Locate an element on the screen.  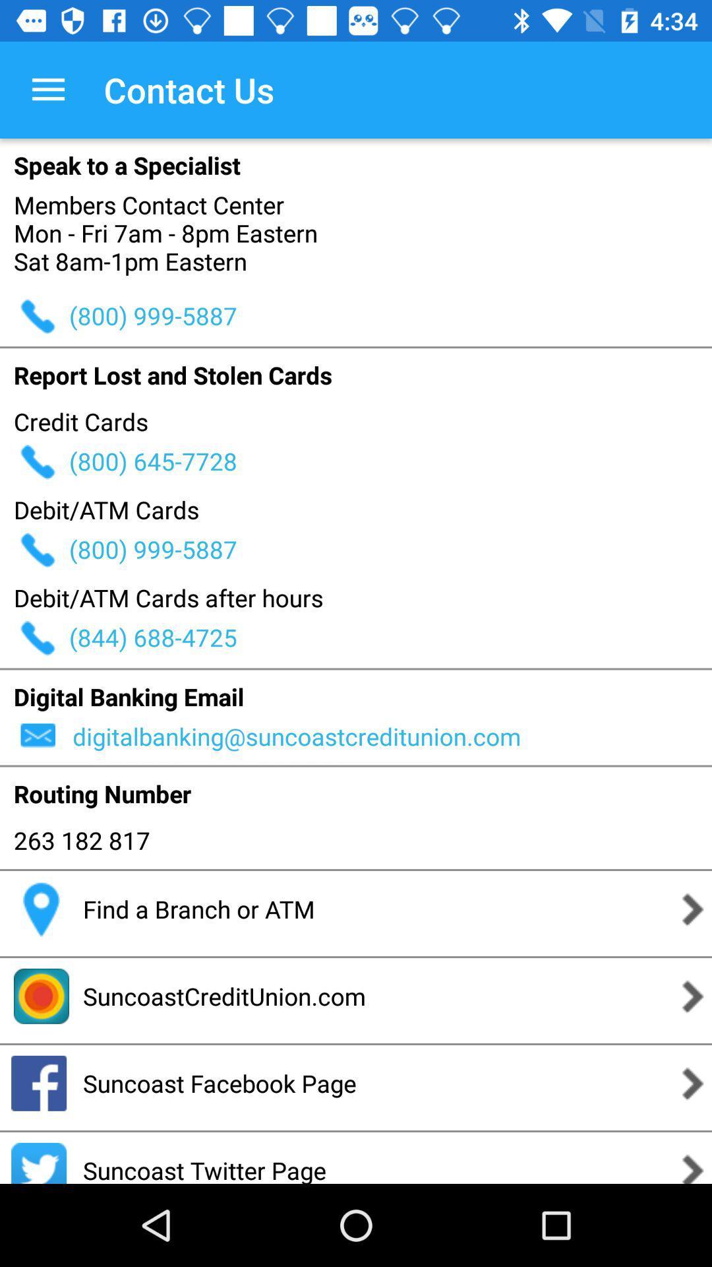
digitalbanking@suncoastcreditunion.com is located at coordinates (390, 736).